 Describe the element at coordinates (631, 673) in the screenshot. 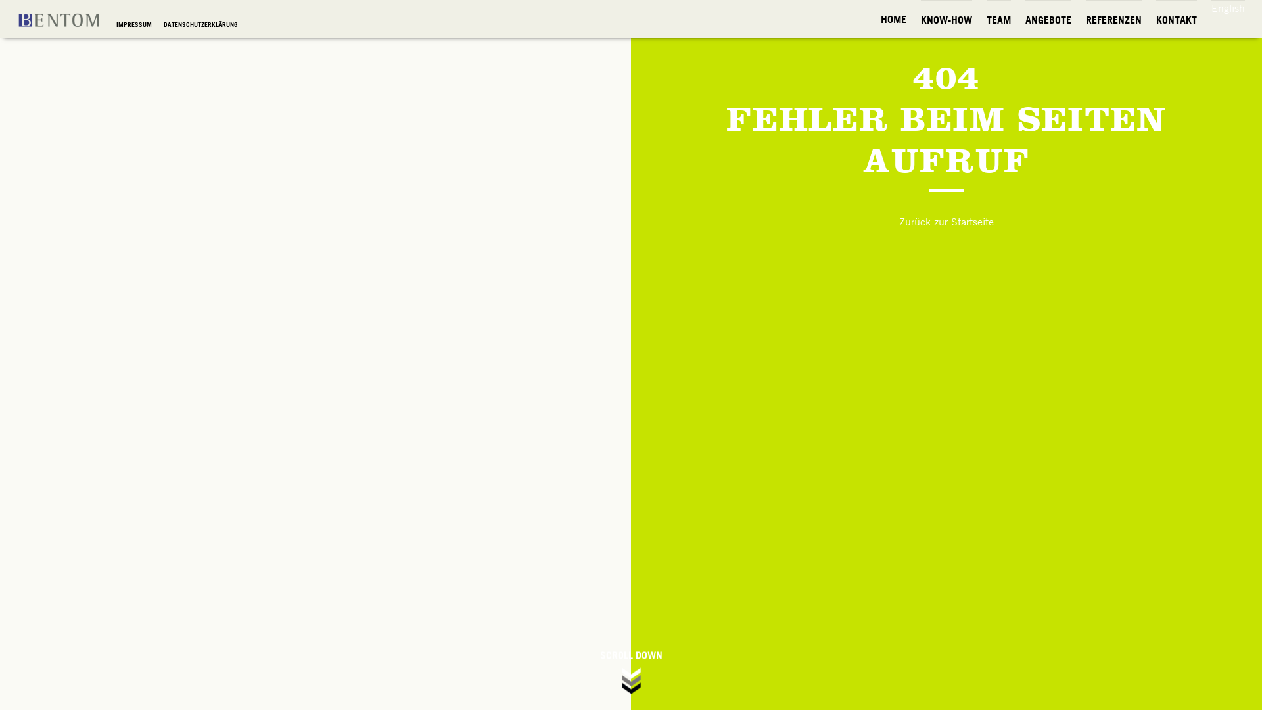

I see `'SCROLL DOWN'` at that location.